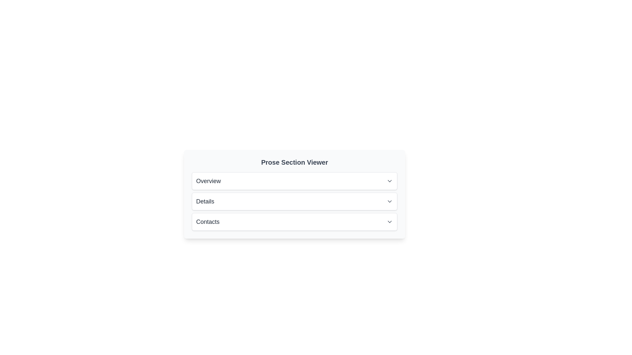 This screenshot has height=355, width=632. What do you see at coordinates (205, 201) in the screenshot?
I see `text label displaying 'Details' which is styled with a larger font and medium weight in dark gray, located in the middle section of a navigation interface` at bounding box center [205, 201].